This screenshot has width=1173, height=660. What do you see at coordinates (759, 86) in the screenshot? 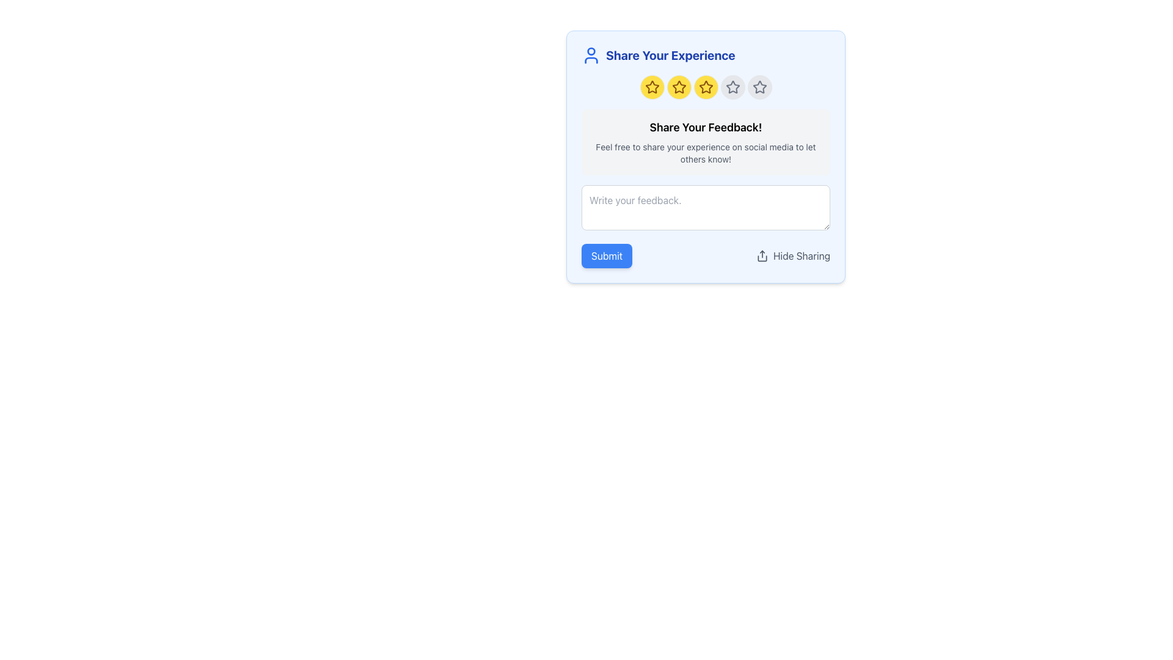
I see `the fifth and final star in the horizontal row of five stars used for rating, which is outlined in gray and positioned below the text 'Share Your Experience.'` at bounding box center [759, 86].